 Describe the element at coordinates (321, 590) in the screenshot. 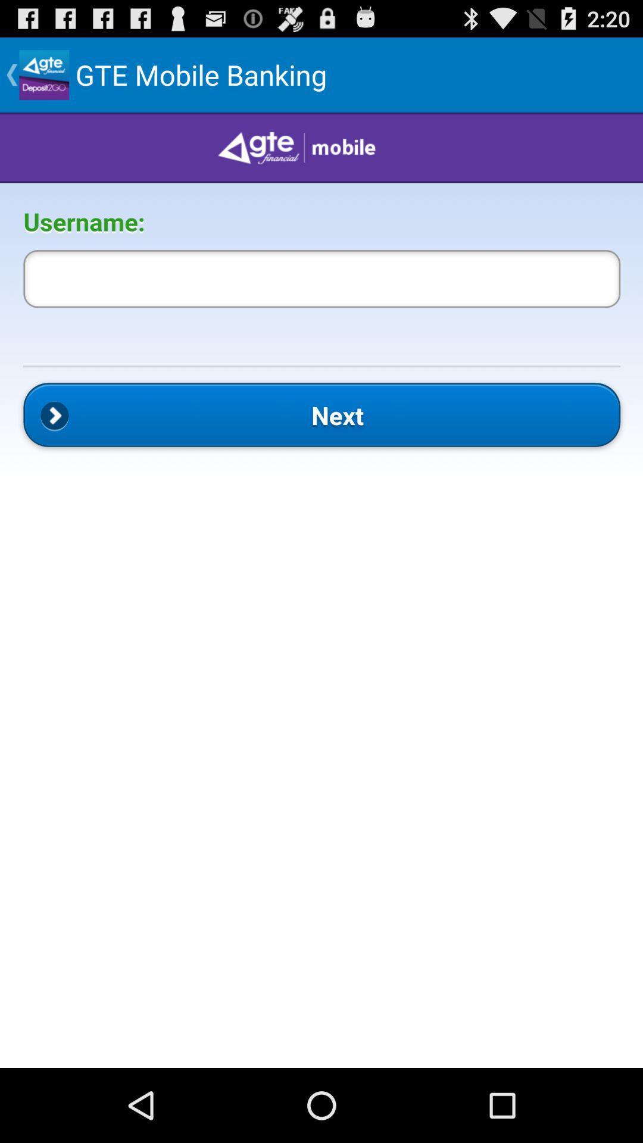

I see `gte mobile banking open` at that location.